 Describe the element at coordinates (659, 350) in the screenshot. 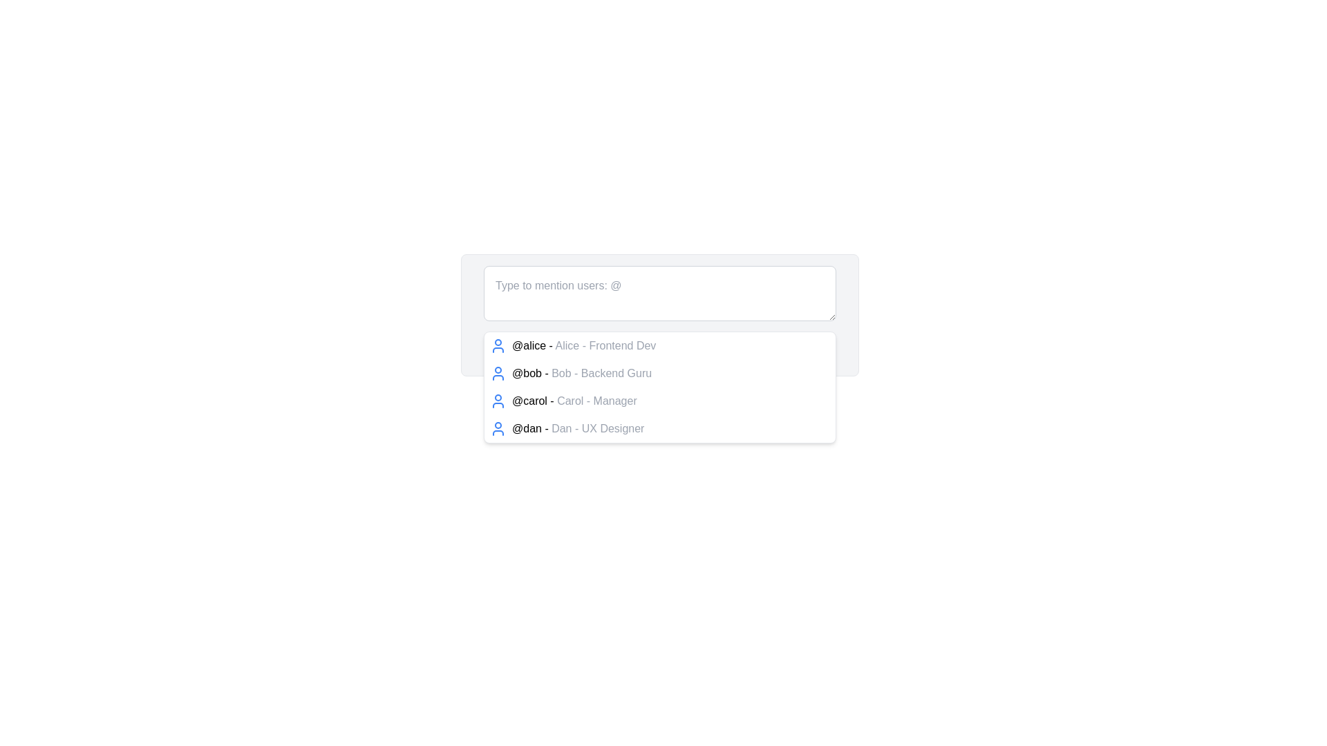

I see `the rounded green button labeled 'Toggle Mention Panel' to trigger the background shading effect` at that location.